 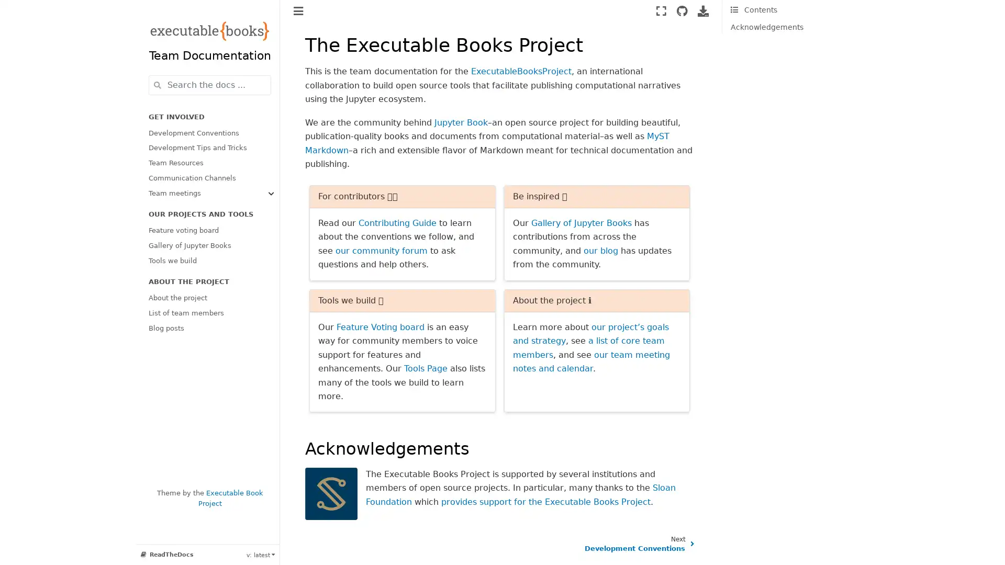 What do you see at coordinates (682, 10) in the screenshot?
I see `Source repositories` at bounding box center [682, 10].